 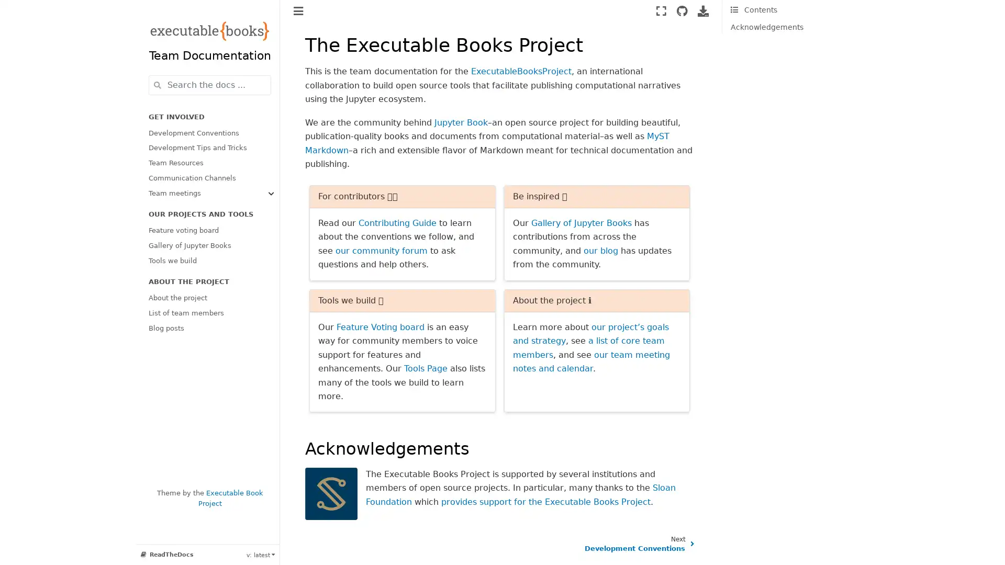 What do you see at coordinates (682, 10) in the screenshot?
I see `Source repositories` at bounding box center [682, 10].